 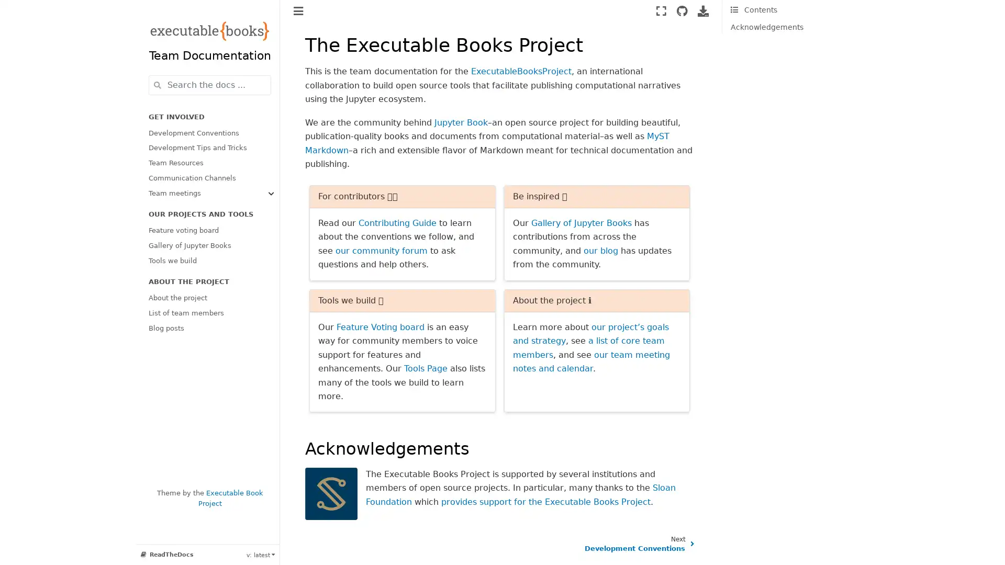 What do you see at coordinates (682, 10) in the screenshot?
I see `Source repositories` at bounding box center [682, 10].